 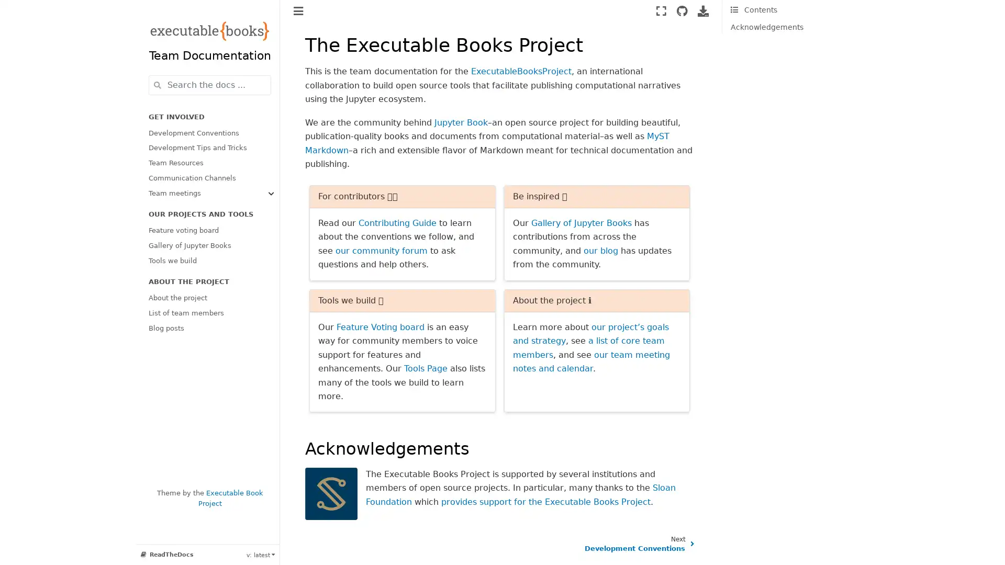 What do you see at coordinates (682, 10) in the screenshot?
I see `Source repositories` at bounding box center [682, 10].